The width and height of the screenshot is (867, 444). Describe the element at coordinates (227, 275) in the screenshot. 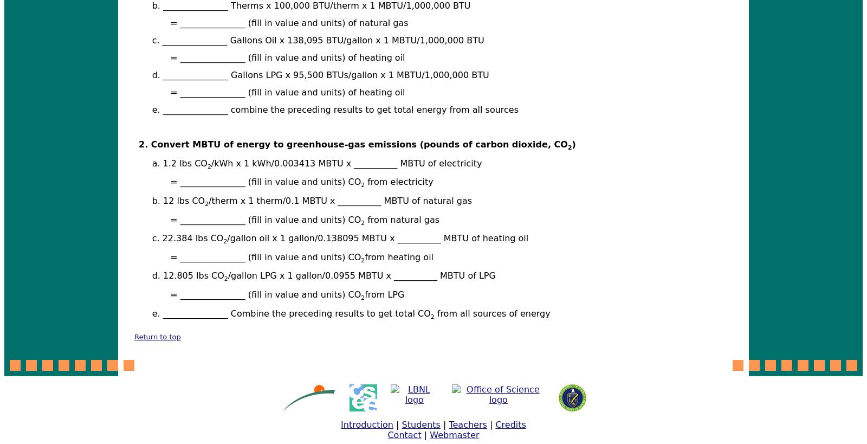

I see `'/gallon LPG x 1 gallon/0.0955 MBTU x __________ MBTU of LPG'` at that location.